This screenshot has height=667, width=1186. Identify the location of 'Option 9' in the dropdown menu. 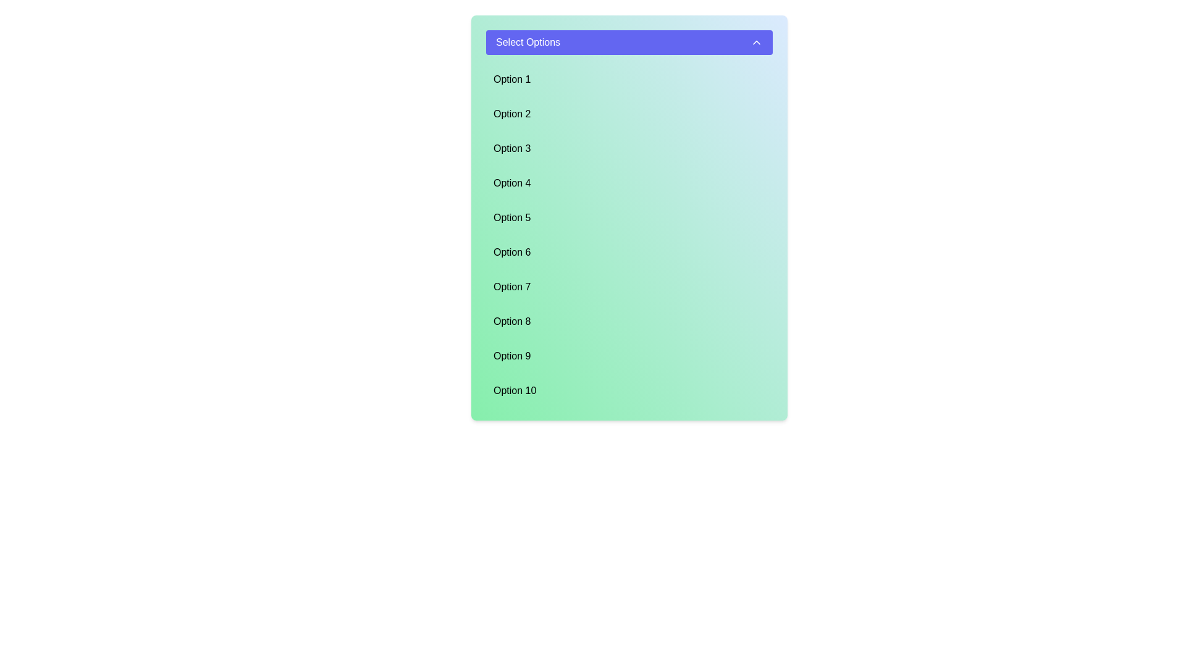
(629, 356).